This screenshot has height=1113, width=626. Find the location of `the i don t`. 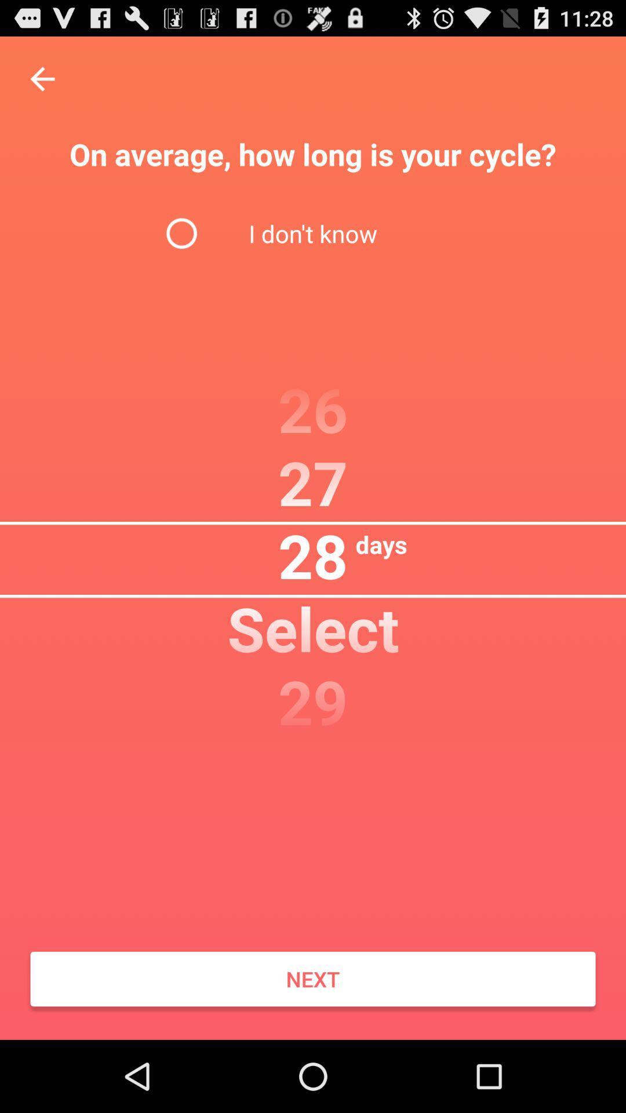

the i don t is located at coordinates (313, 232).